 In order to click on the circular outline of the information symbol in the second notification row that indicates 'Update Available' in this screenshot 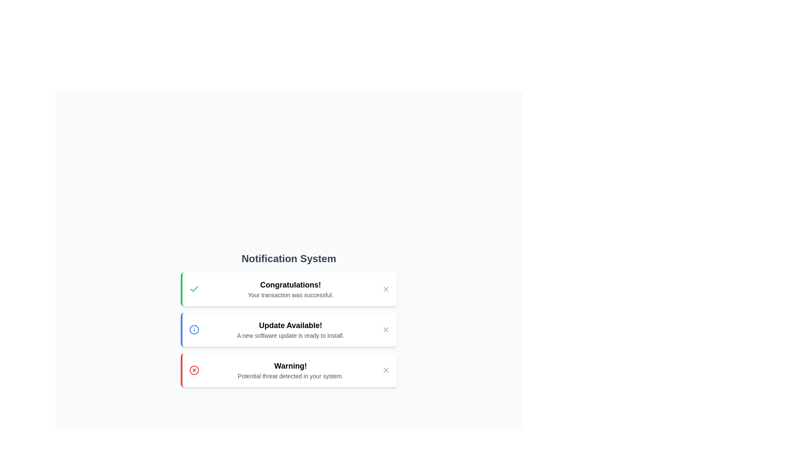, I will do `click(194, 329)`.